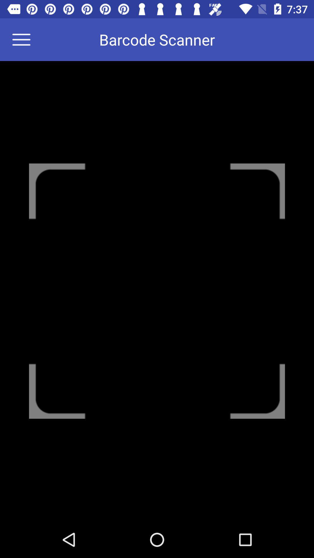  I want to click on menu options, so click(25, 39).